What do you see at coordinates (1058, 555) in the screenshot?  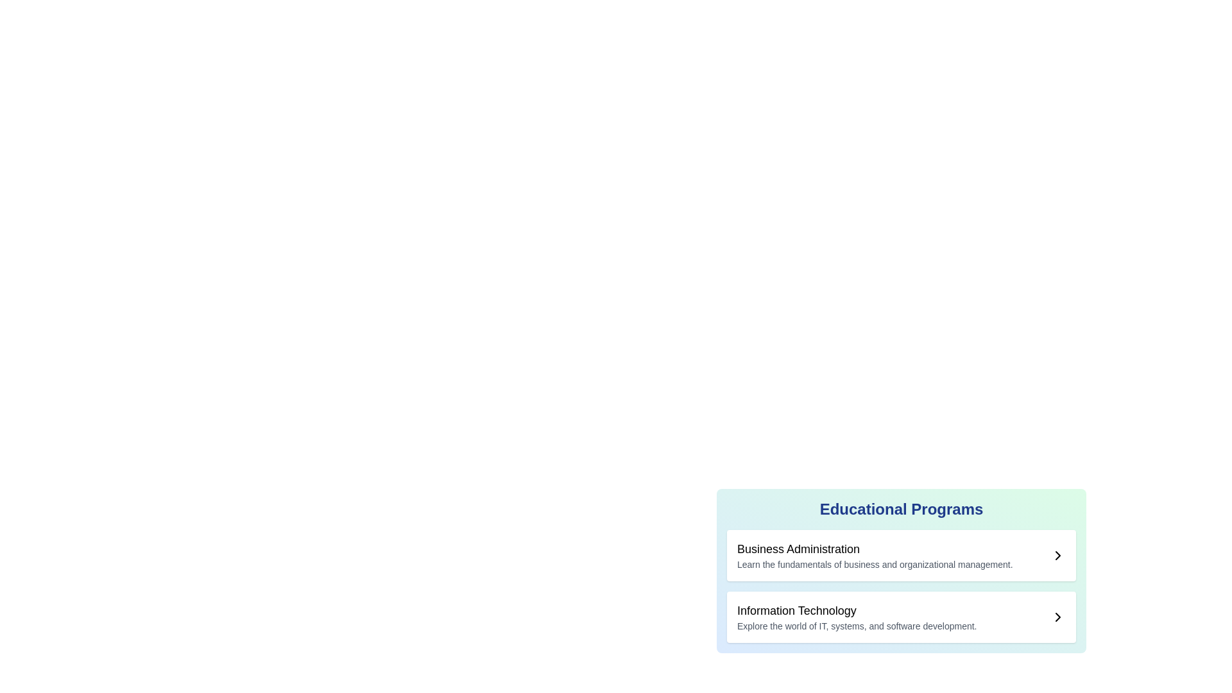 I see `the Navigation Icon located on the right side of the 'Business Administration' entry` at bounding box center [1058, 555].